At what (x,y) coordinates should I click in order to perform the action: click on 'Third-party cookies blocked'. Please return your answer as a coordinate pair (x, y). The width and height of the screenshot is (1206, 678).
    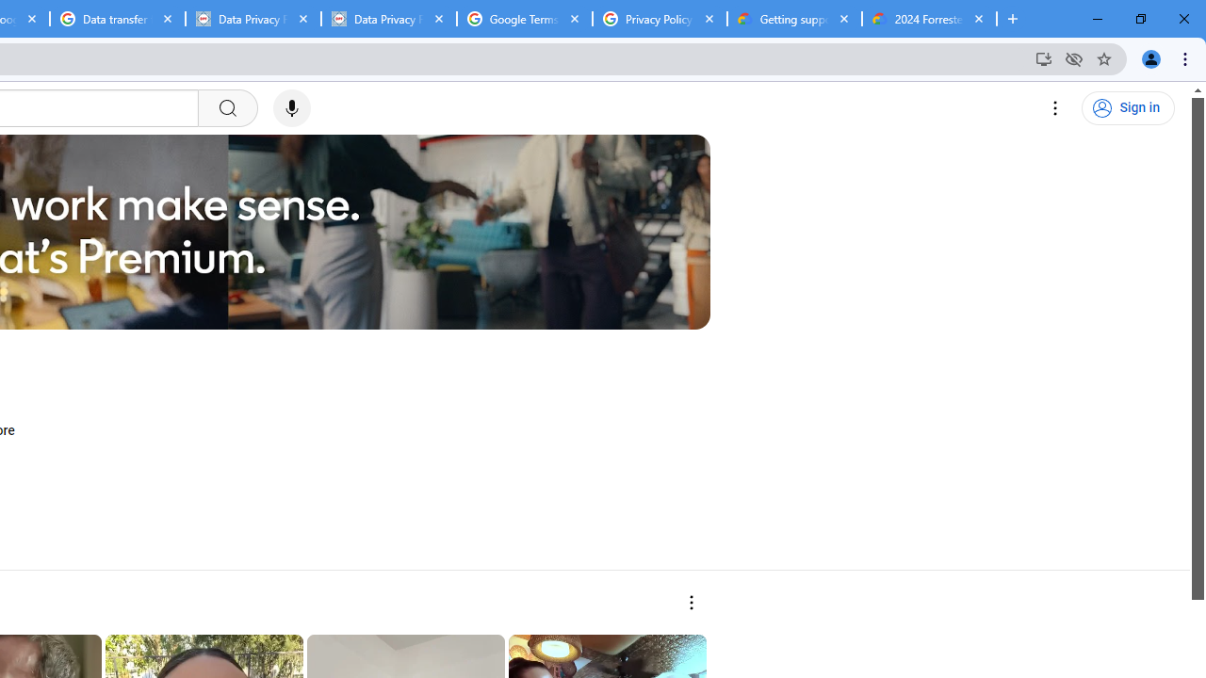
    Looking at the image, I should click on (1073, 57).